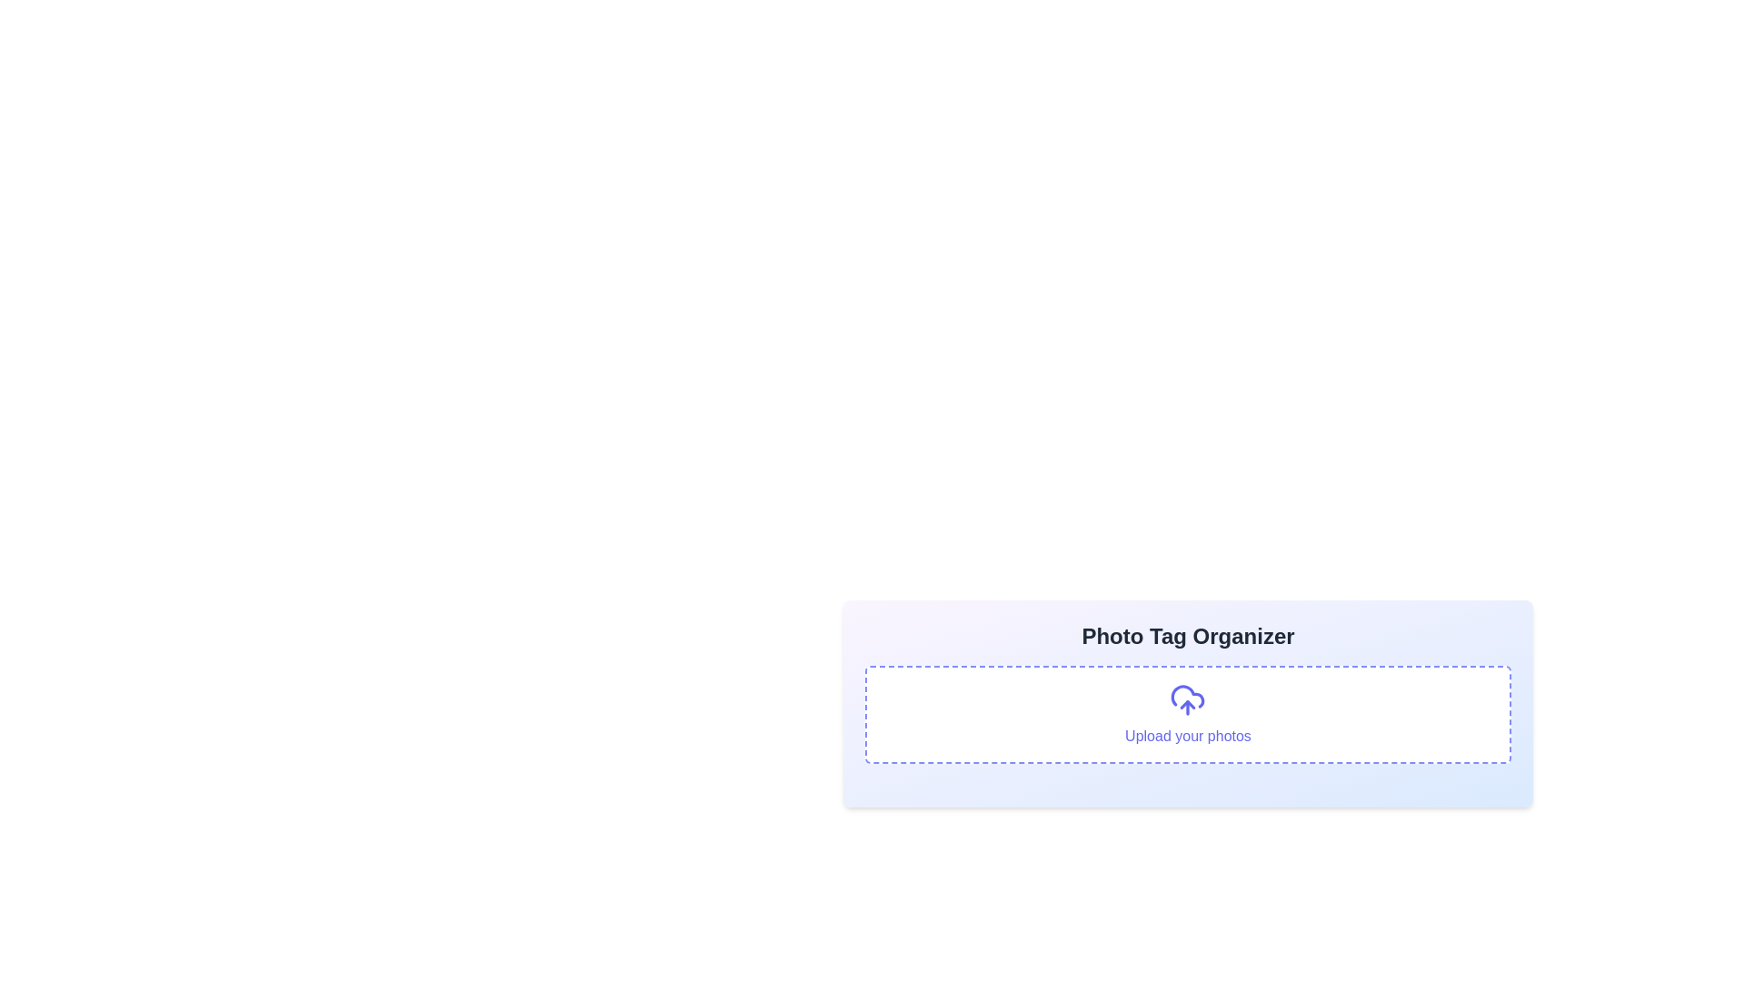 The image size is (1745, 981). I want to click on the cloud upload SVG icon, so click(1188, 699).